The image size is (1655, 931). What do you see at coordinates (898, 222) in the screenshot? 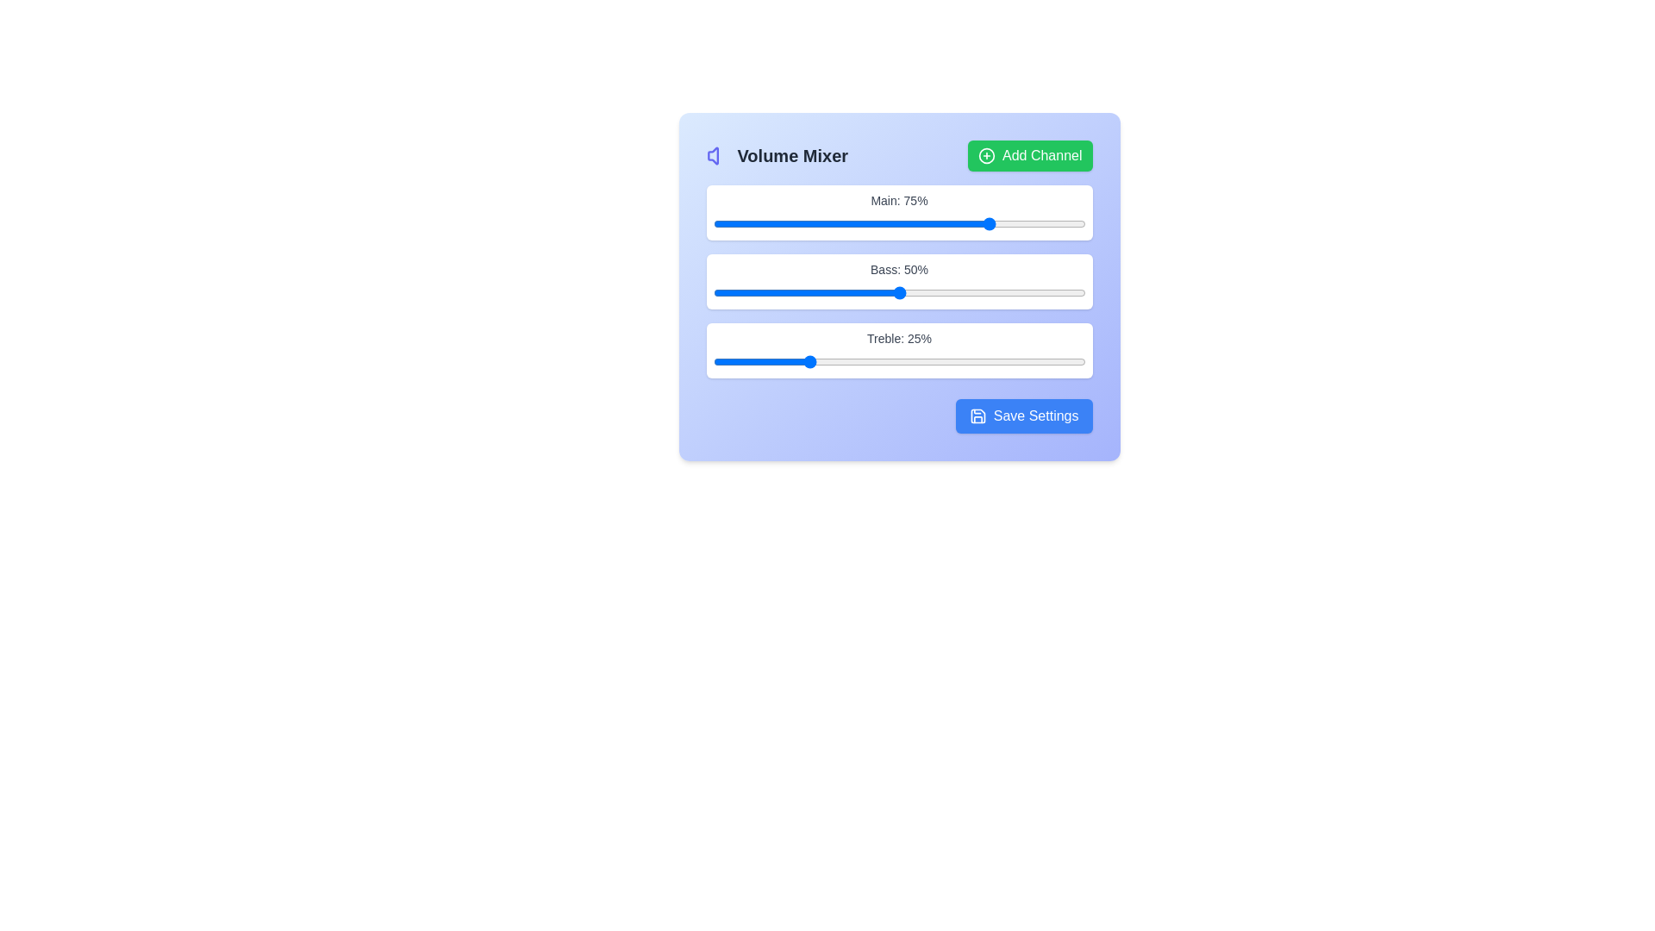
I see `the horizontal sliding range control located below the label 'Main: 75%', which features a blue-filled progress bar and a draggable circular knob` at bounding box center [898, 222].